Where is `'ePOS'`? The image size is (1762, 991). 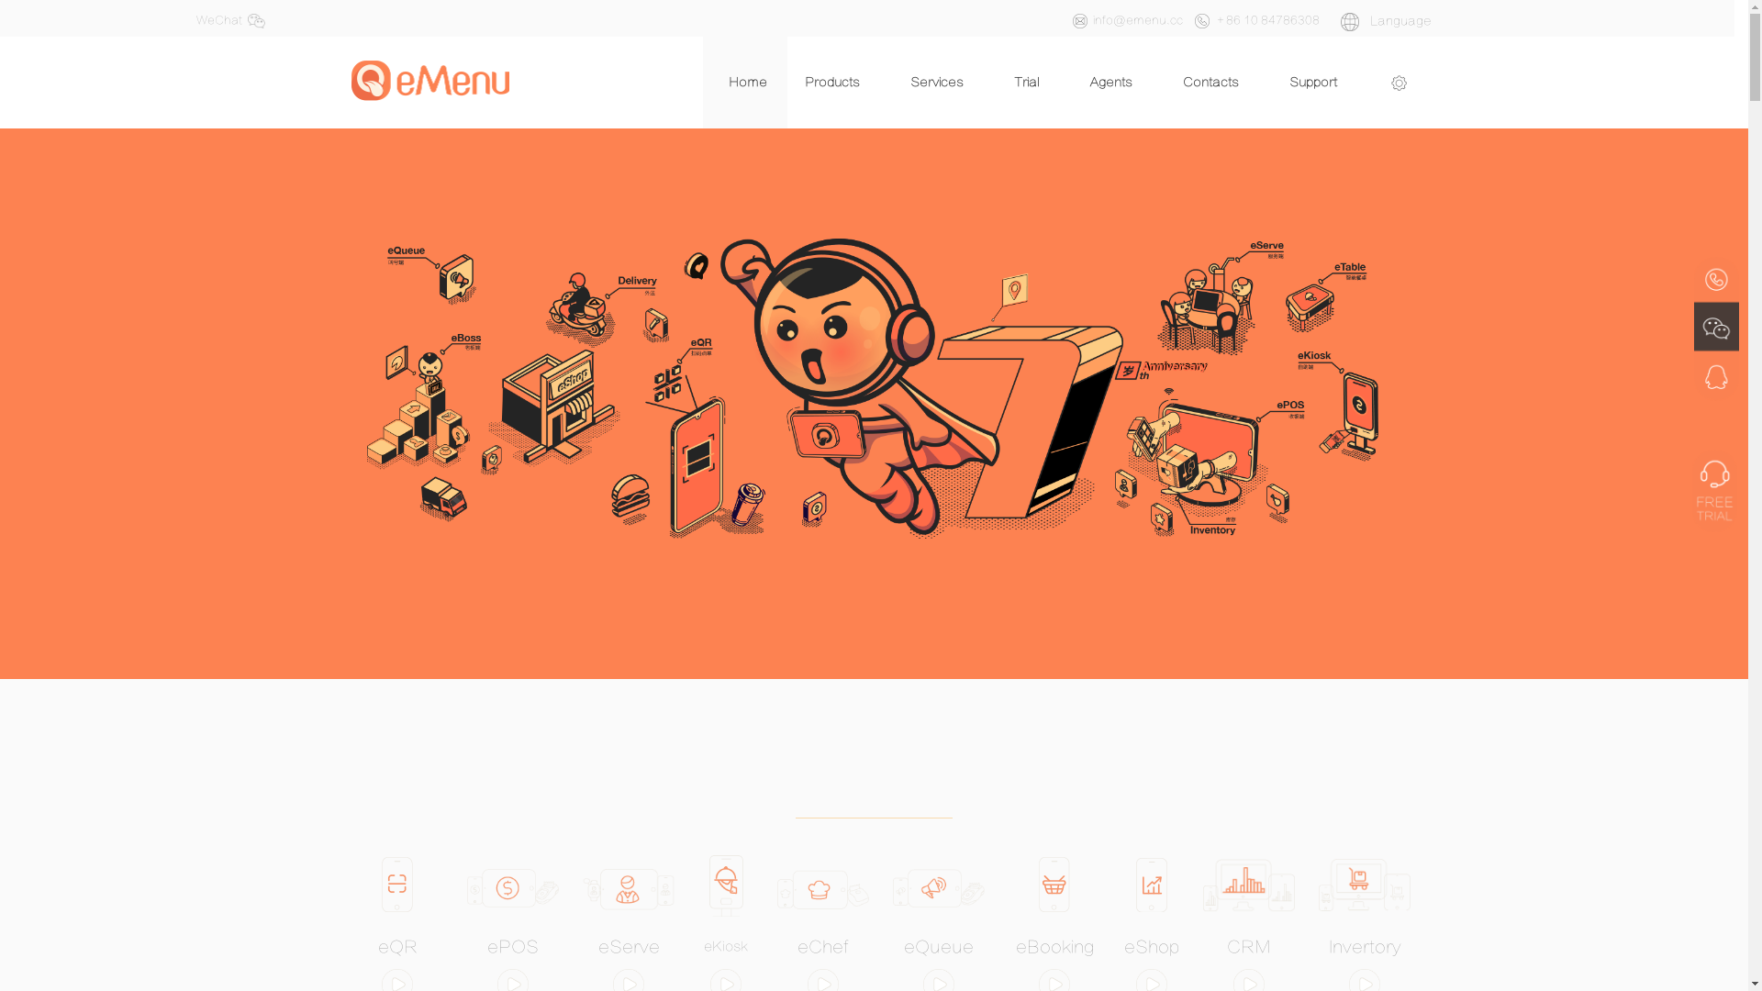
'ePOS' is located at coordinates (512, 944).